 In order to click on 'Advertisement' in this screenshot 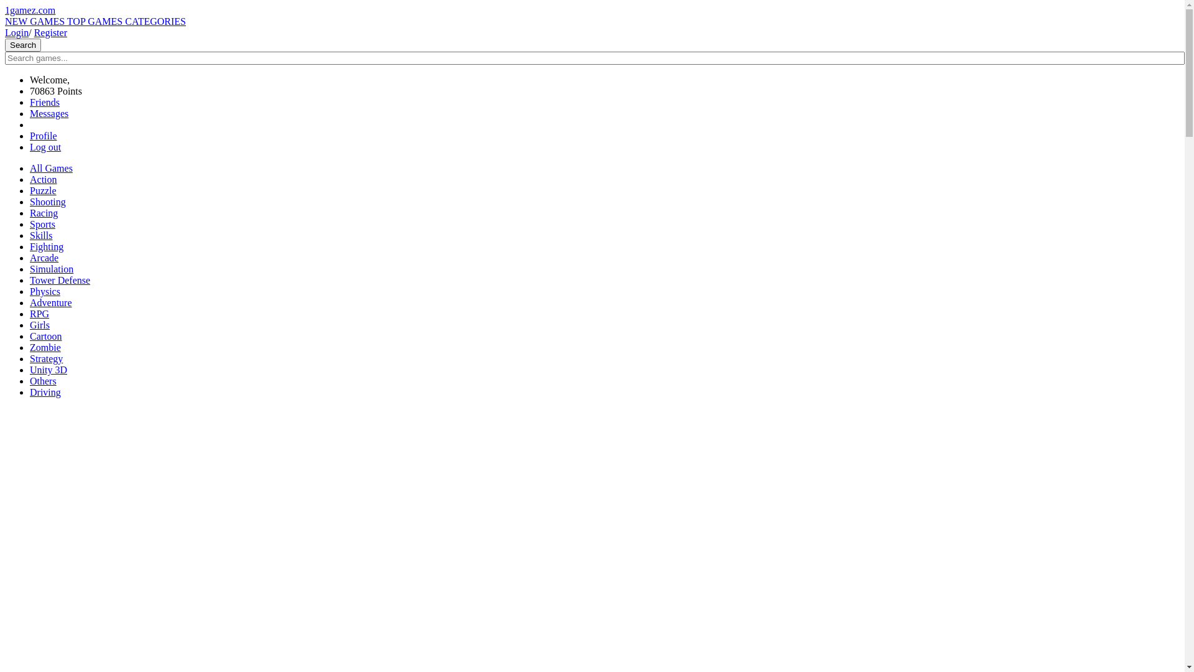, I will do `click(591, 494)`.